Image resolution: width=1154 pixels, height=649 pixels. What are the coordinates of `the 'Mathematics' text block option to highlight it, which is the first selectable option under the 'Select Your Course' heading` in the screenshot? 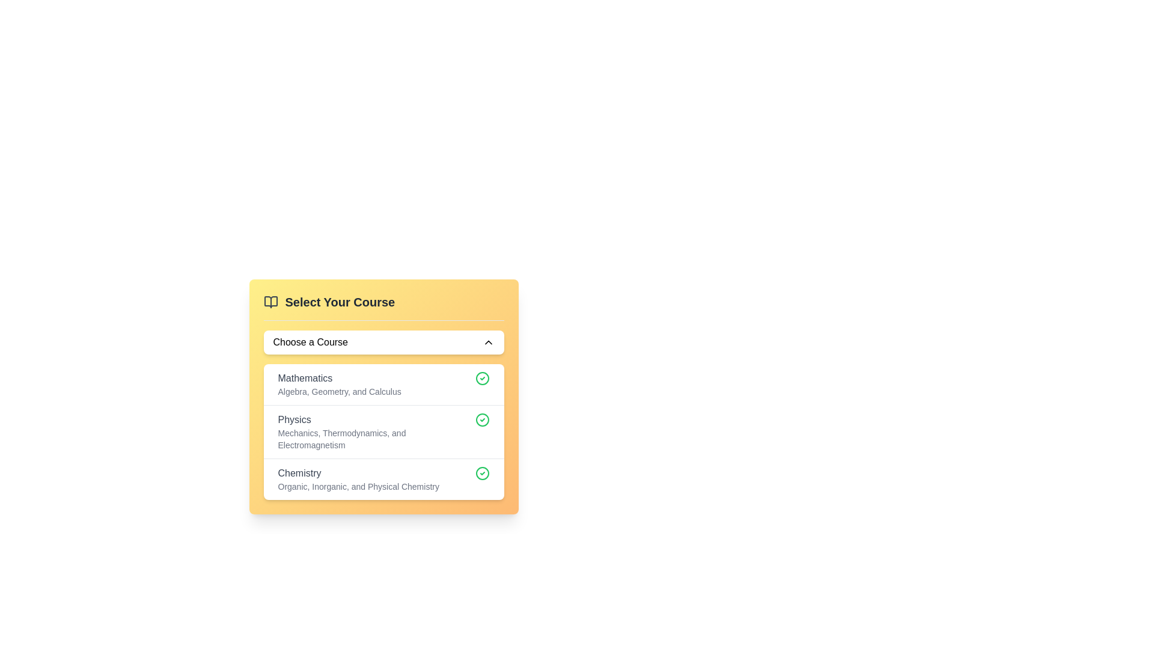 It's located at (383, 397).